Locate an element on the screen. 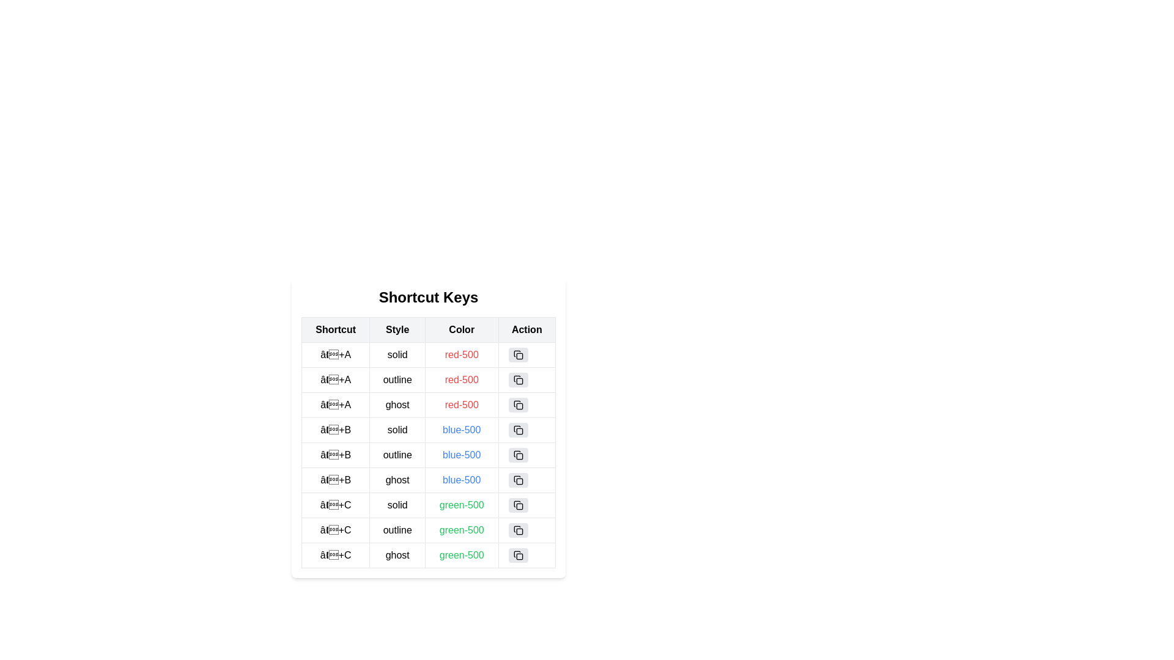 Image resolution: width=1174 pixels, height=660 pixels. the SVG graphical element in the 'Action' column of the table row, which is styled with 'outline' and 'blue-500' color is located at coordinates (519, 457).